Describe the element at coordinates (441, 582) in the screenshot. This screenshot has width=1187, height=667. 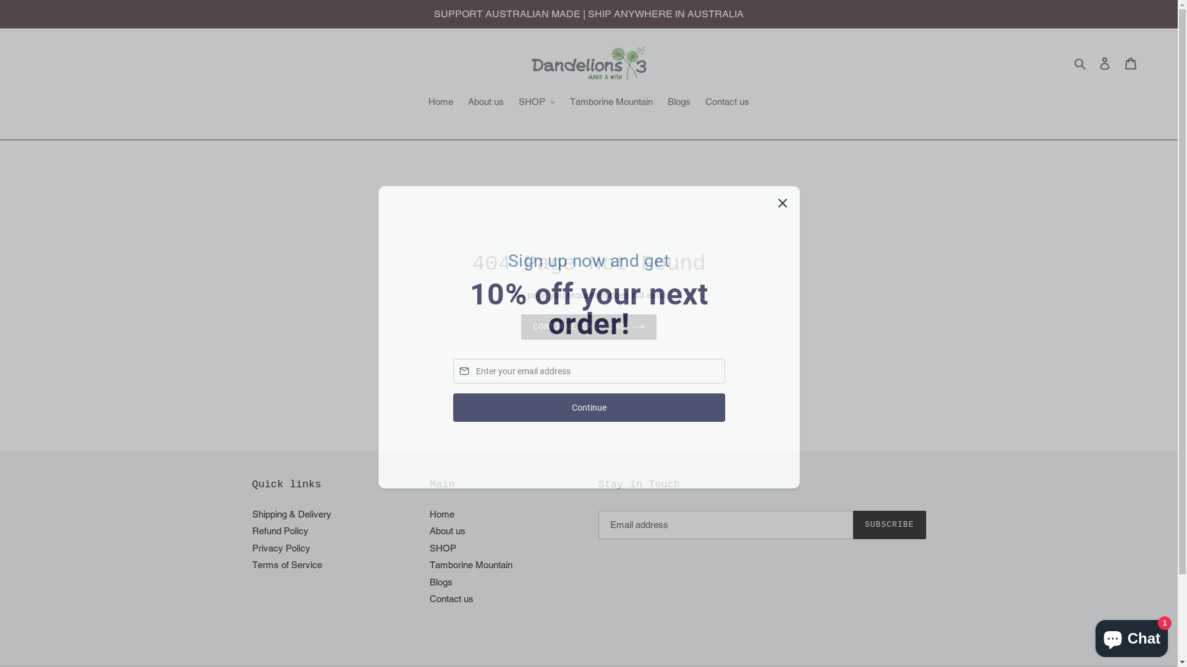
I see `'Blogs'` at that location.